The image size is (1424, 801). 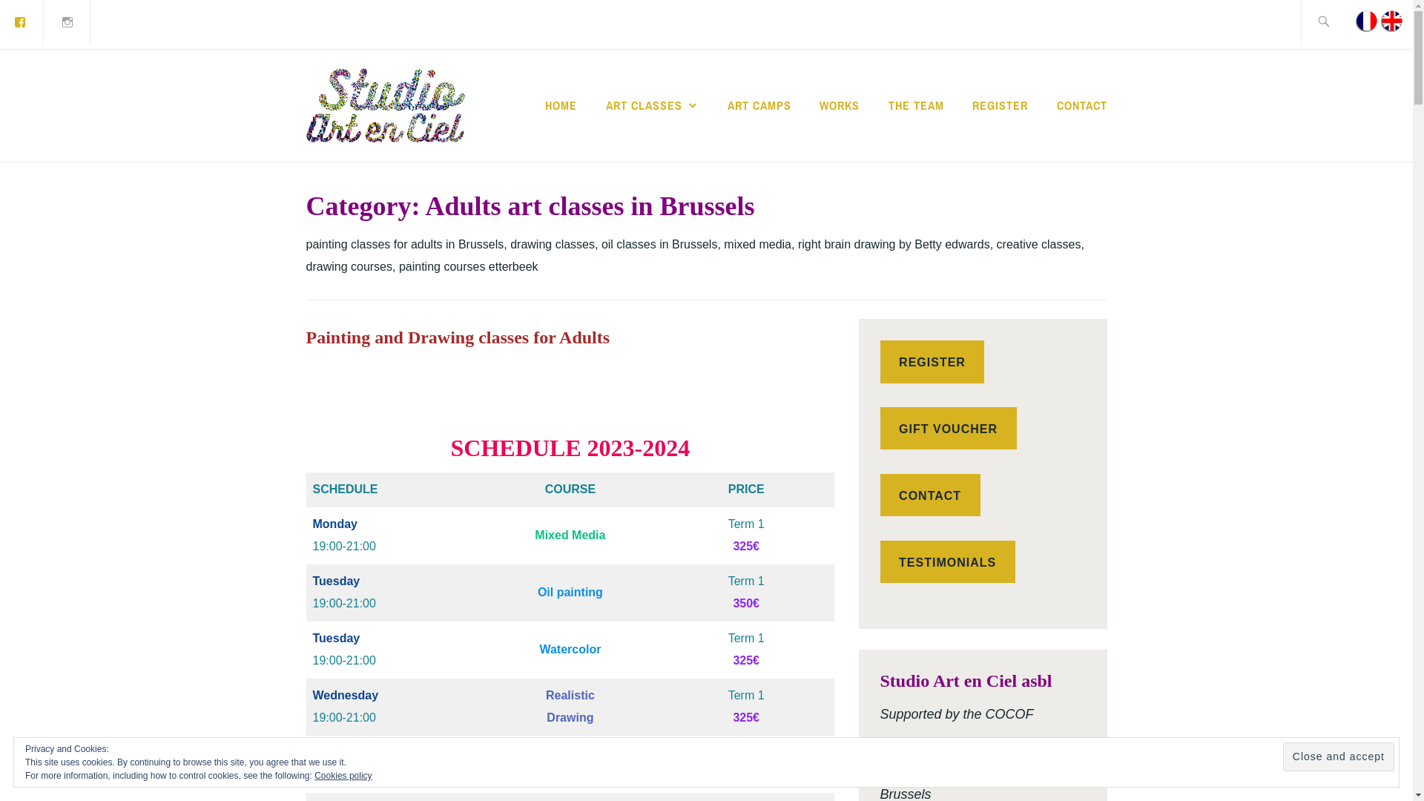 I want to click on 'ART CAMPS', so click(x=759, y=105).